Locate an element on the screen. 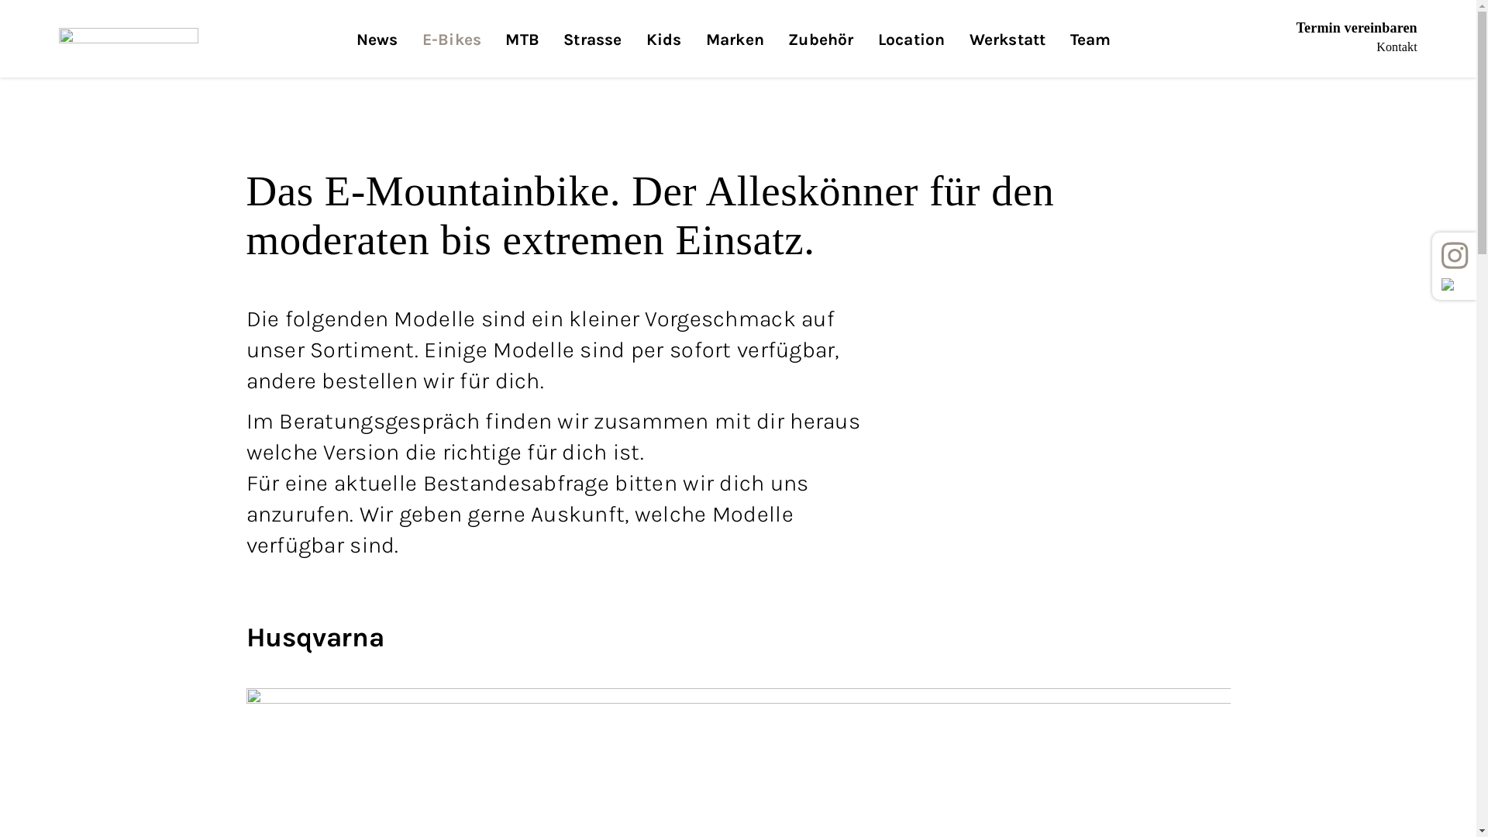 The image size is (1488, 837). 'Marken' is located at coordinates (734, 53).